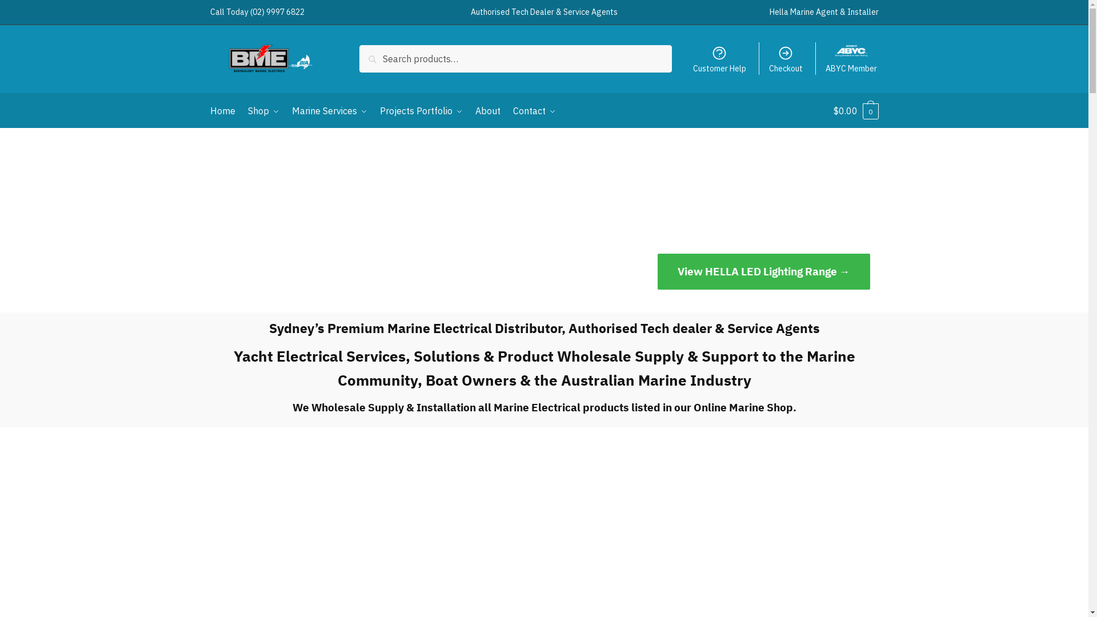  What do you see at coordinates (375, 110) in the screenshot?
I see `'Projects Portfolio'` at bounding box center [375, 110].